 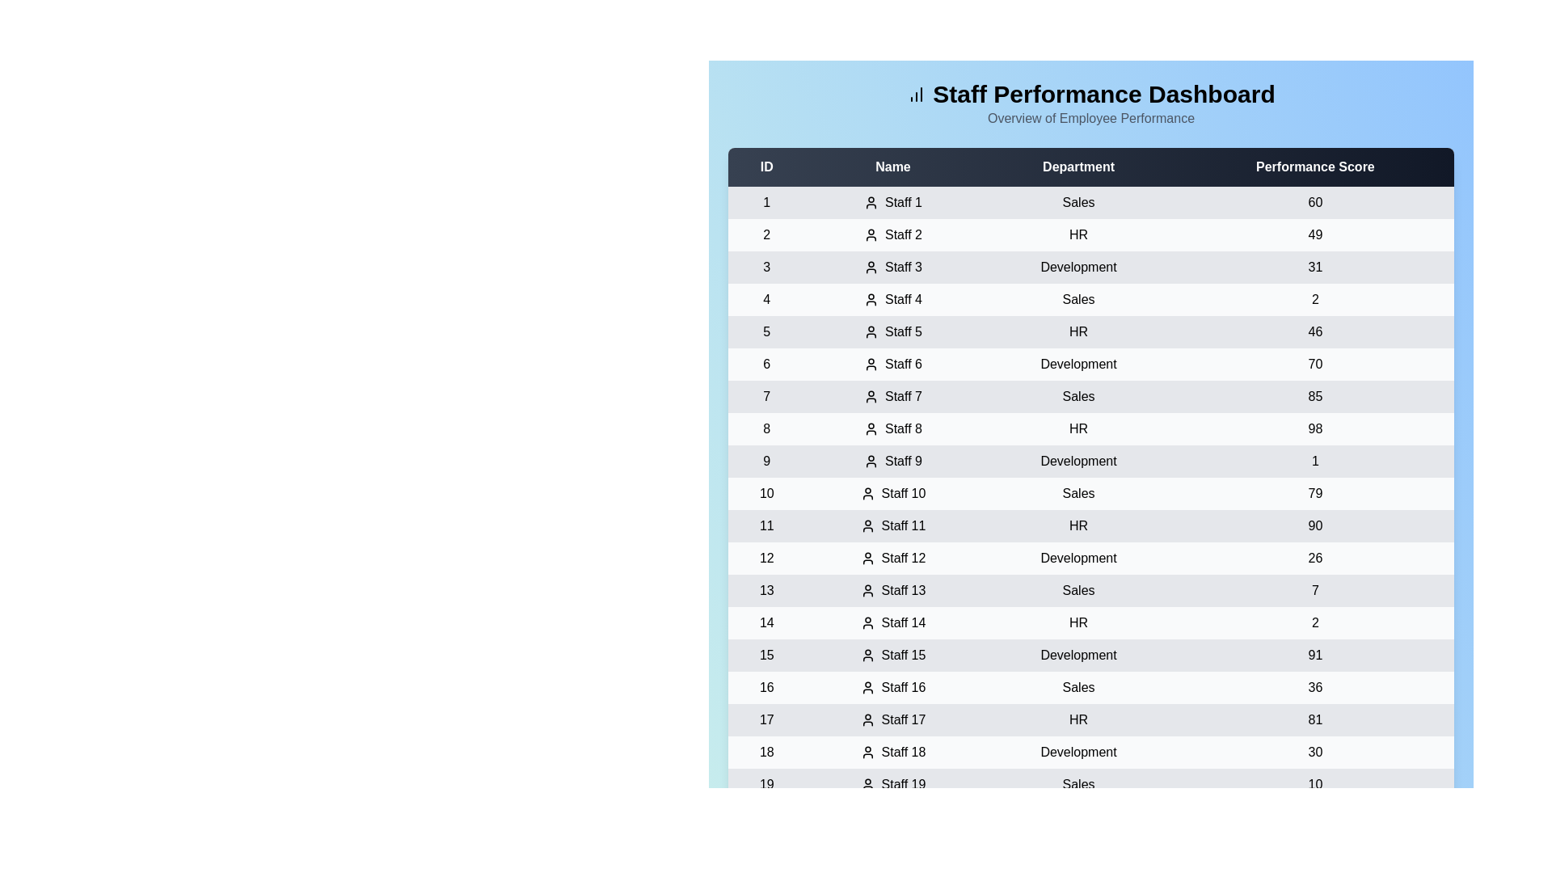 What do you see at coordinates (1315, 167) in the screenshot?
I see `the column header labeled 'Performance Score' to sort the table by that column` at bounding box center [1315, 167].